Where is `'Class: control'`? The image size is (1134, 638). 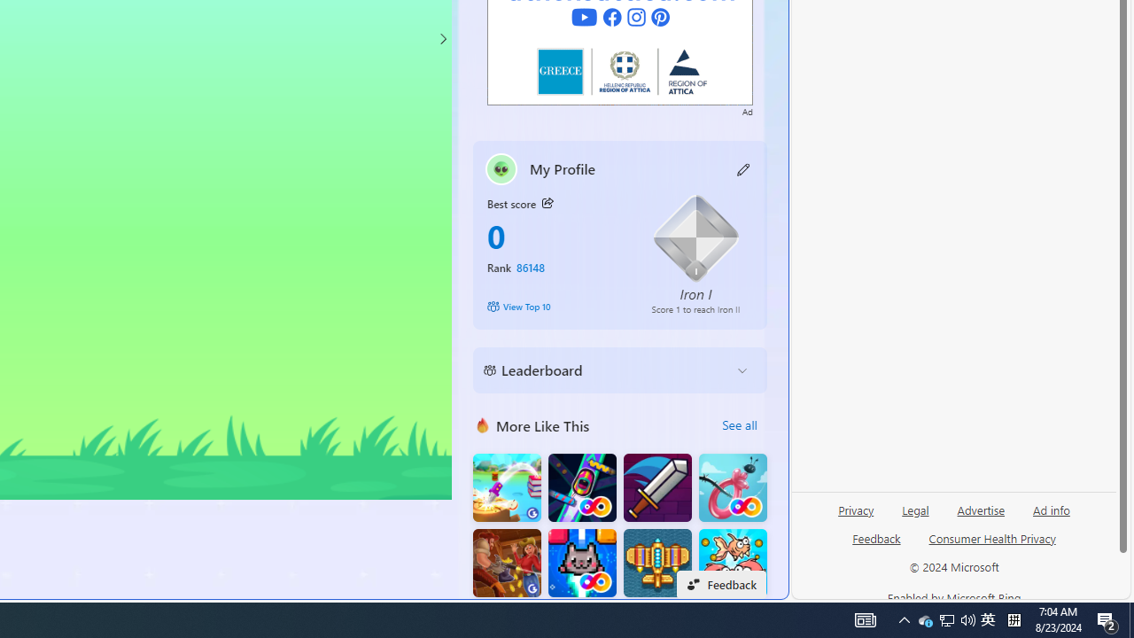
'Class: control' is located at coordinates (442, 38).